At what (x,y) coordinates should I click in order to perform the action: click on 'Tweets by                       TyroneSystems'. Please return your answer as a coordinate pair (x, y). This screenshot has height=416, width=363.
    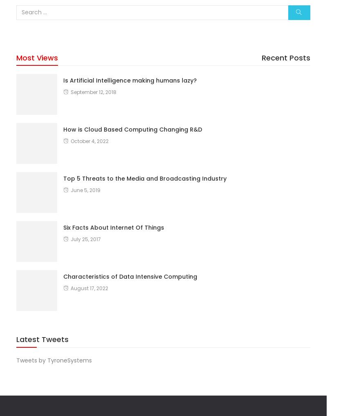
    Looking at the image, I should click on (16, 360).